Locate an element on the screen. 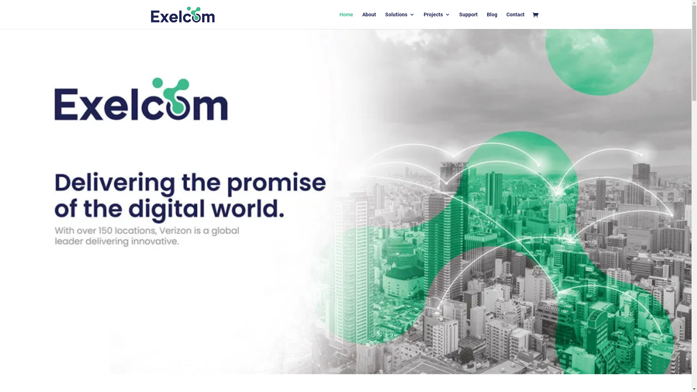 This screenshot has height=392, width=697. 'Blog' is located at coordinates (492, 20).